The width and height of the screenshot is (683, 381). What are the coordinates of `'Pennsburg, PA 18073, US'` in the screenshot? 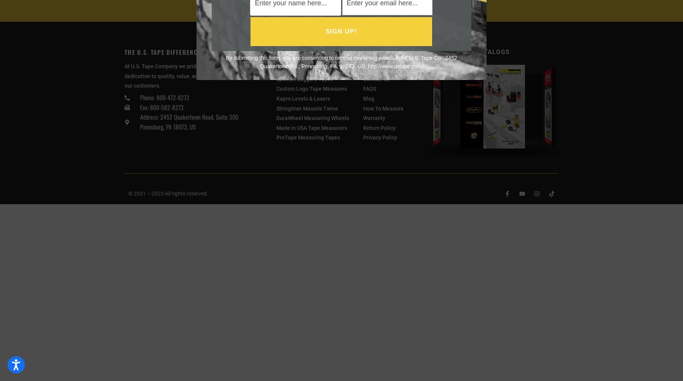 It's located at (167, 126).